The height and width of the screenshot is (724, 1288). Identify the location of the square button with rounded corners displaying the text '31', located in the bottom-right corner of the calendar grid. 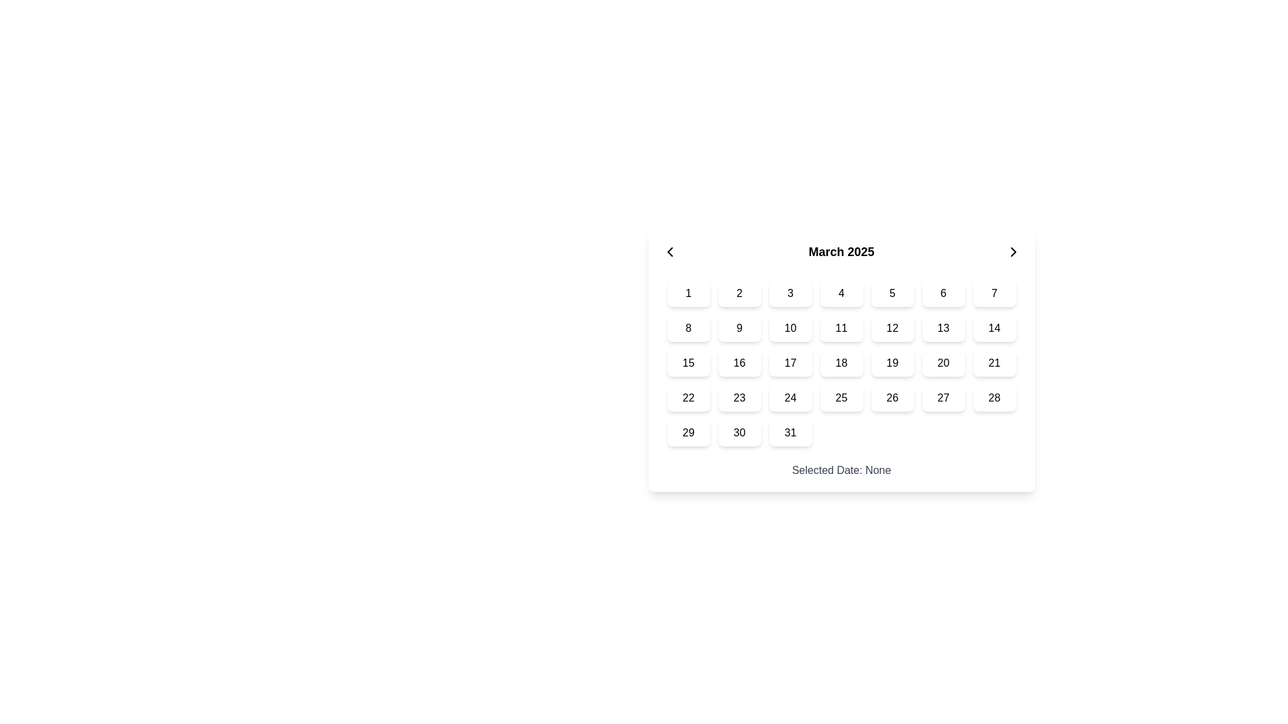
(790, 432).